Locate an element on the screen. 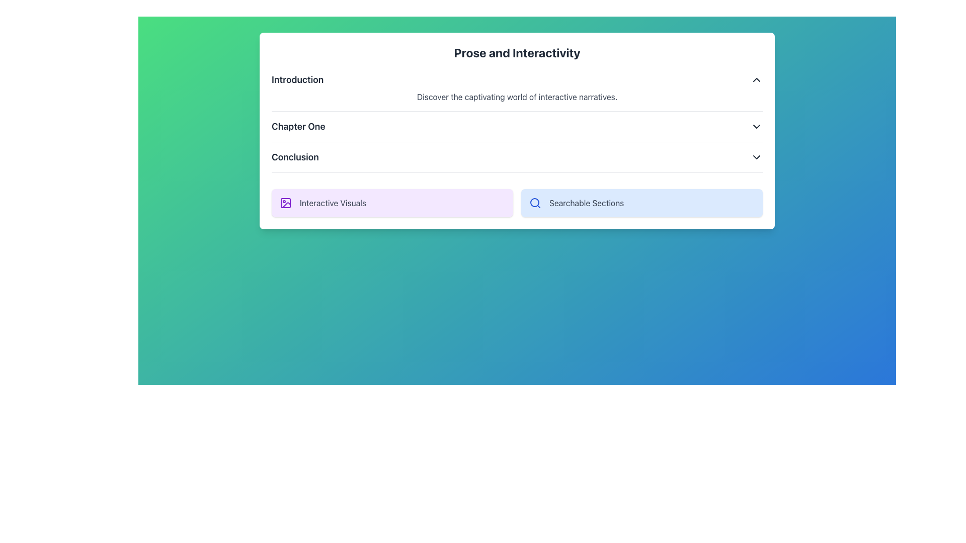 This screenshot has height=543, width=966. the 'Interactive Visuals' card located in the left section of the two-column grid layout is located at coordinates (391, 203).